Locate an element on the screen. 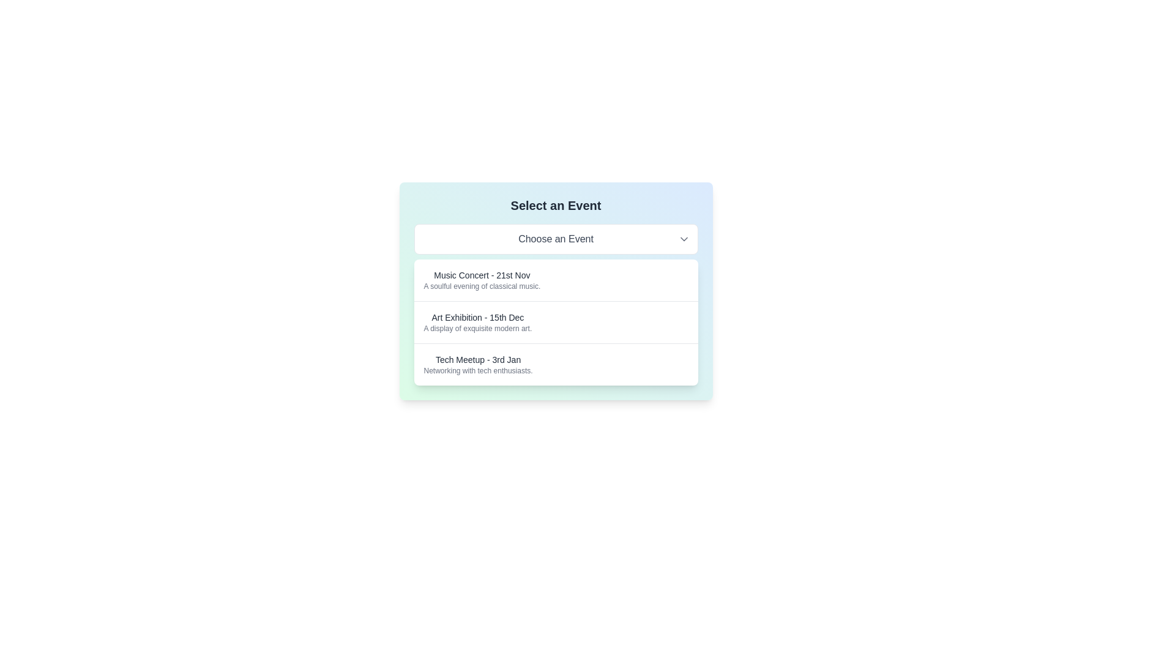  the text-based UI component that displays 'Art Exhibition - 15th Dec' to search for more details about this event is located at coordinates (477, 322).